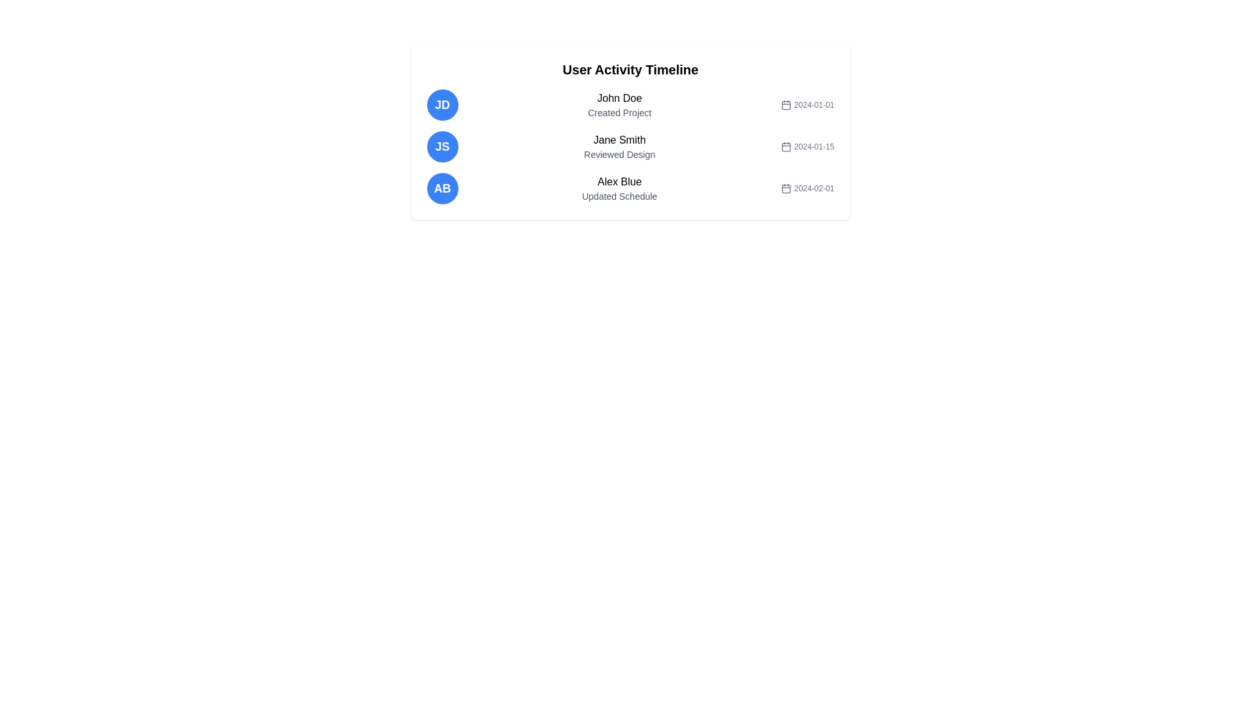 The image size is (1254, 705). Describe the element at coordinates (619, 104) in the screenshot. I see `the Text Label displaying 'John Doe' and 'Created Project' in the activity timeline, located next to the blue circular avatar with initials 'JD'` at that location.